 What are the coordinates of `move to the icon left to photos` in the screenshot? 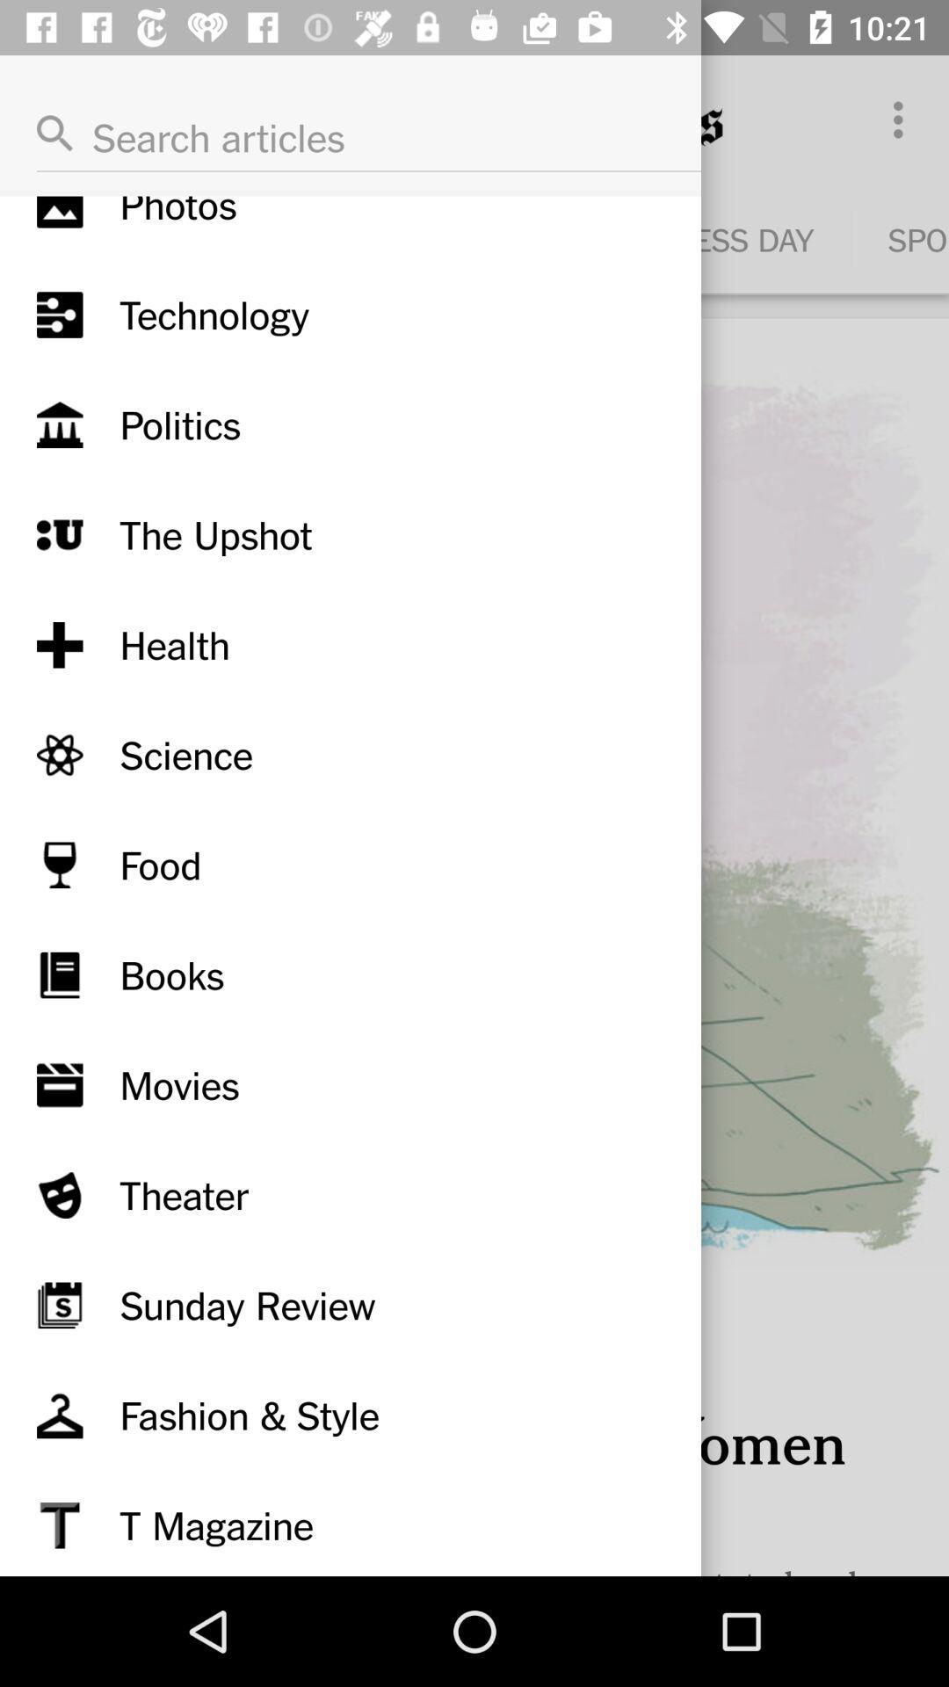 It's located at (59, 211).